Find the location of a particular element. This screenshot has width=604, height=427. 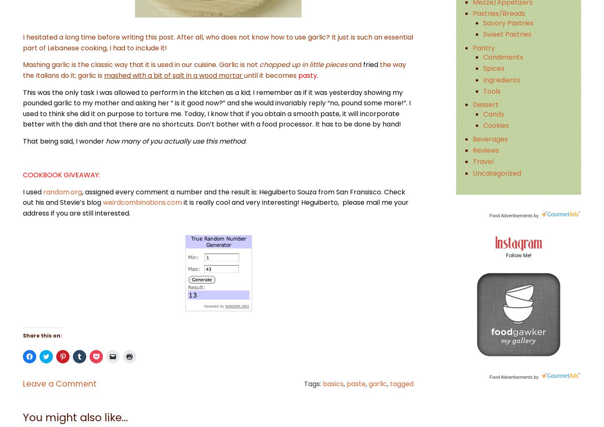

'.' is located at coordinates (246, 141).